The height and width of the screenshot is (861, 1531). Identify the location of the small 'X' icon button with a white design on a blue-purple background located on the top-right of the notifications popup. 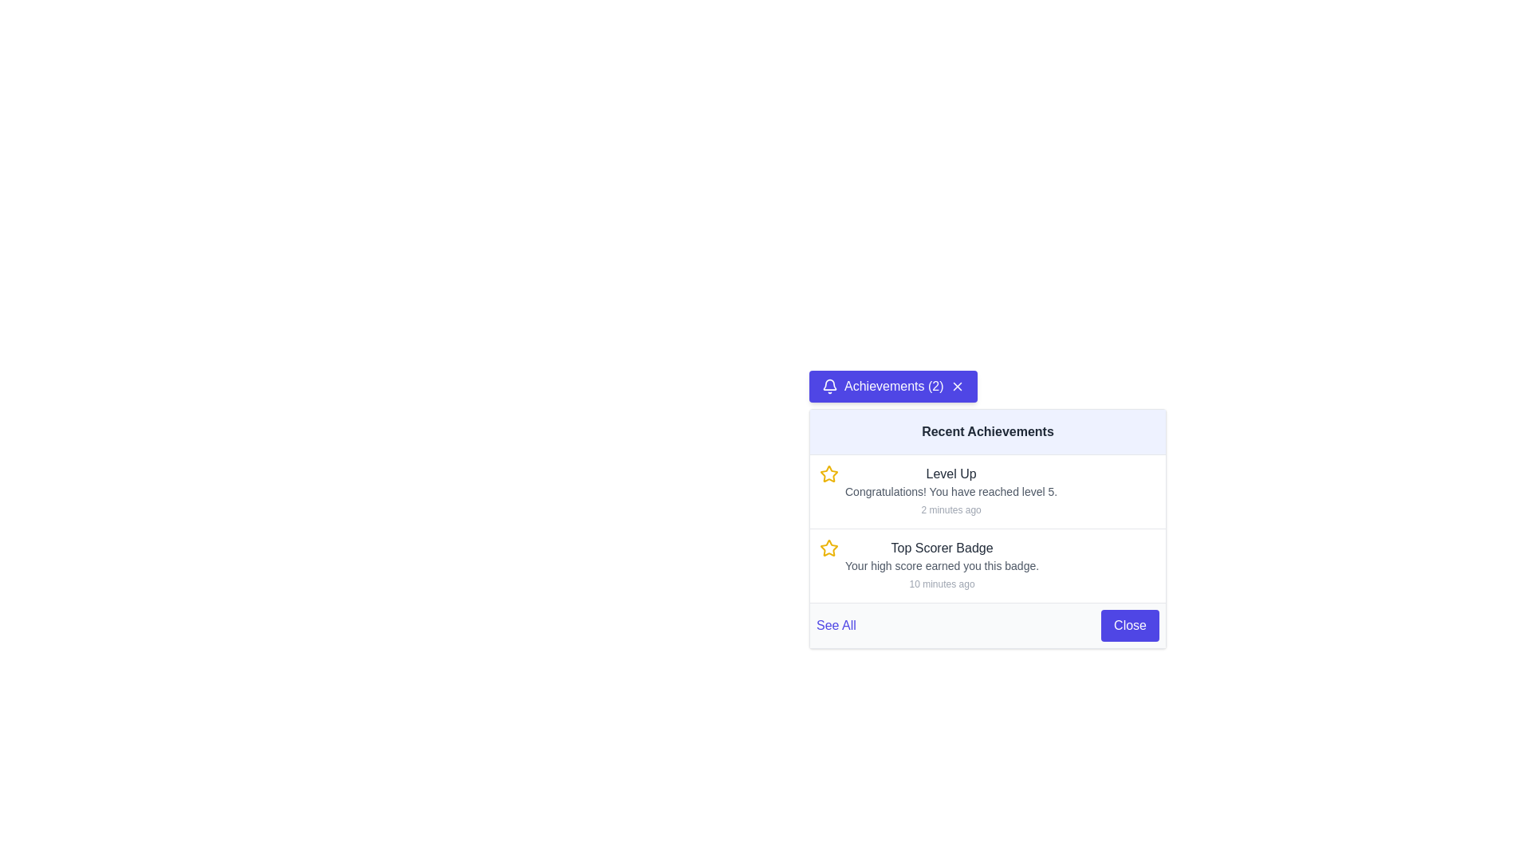
(957, 387).